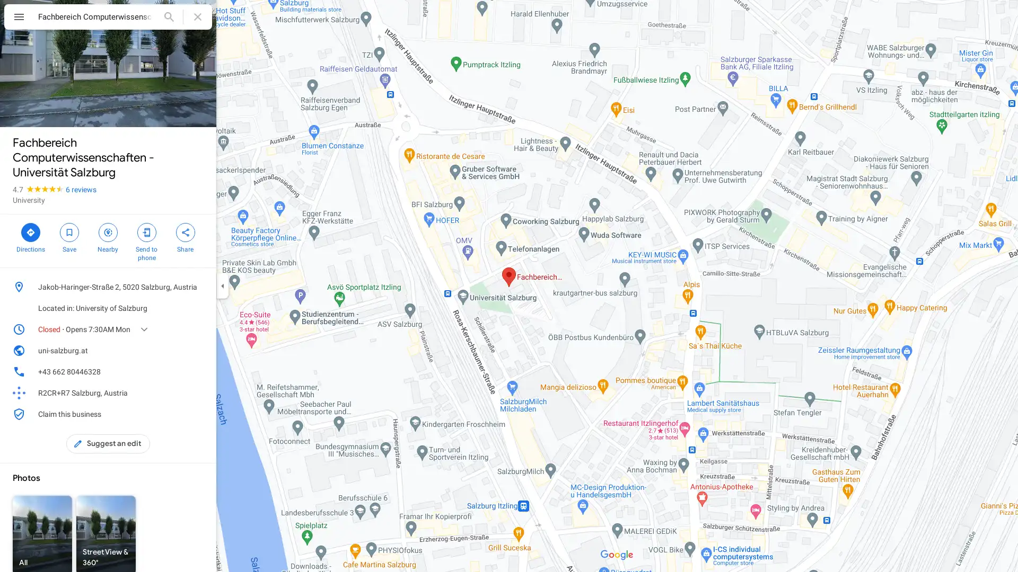  What do you see at coordinates (182, 351) in the screenshot?
I see `Open website` at bounding box center [182, 351].